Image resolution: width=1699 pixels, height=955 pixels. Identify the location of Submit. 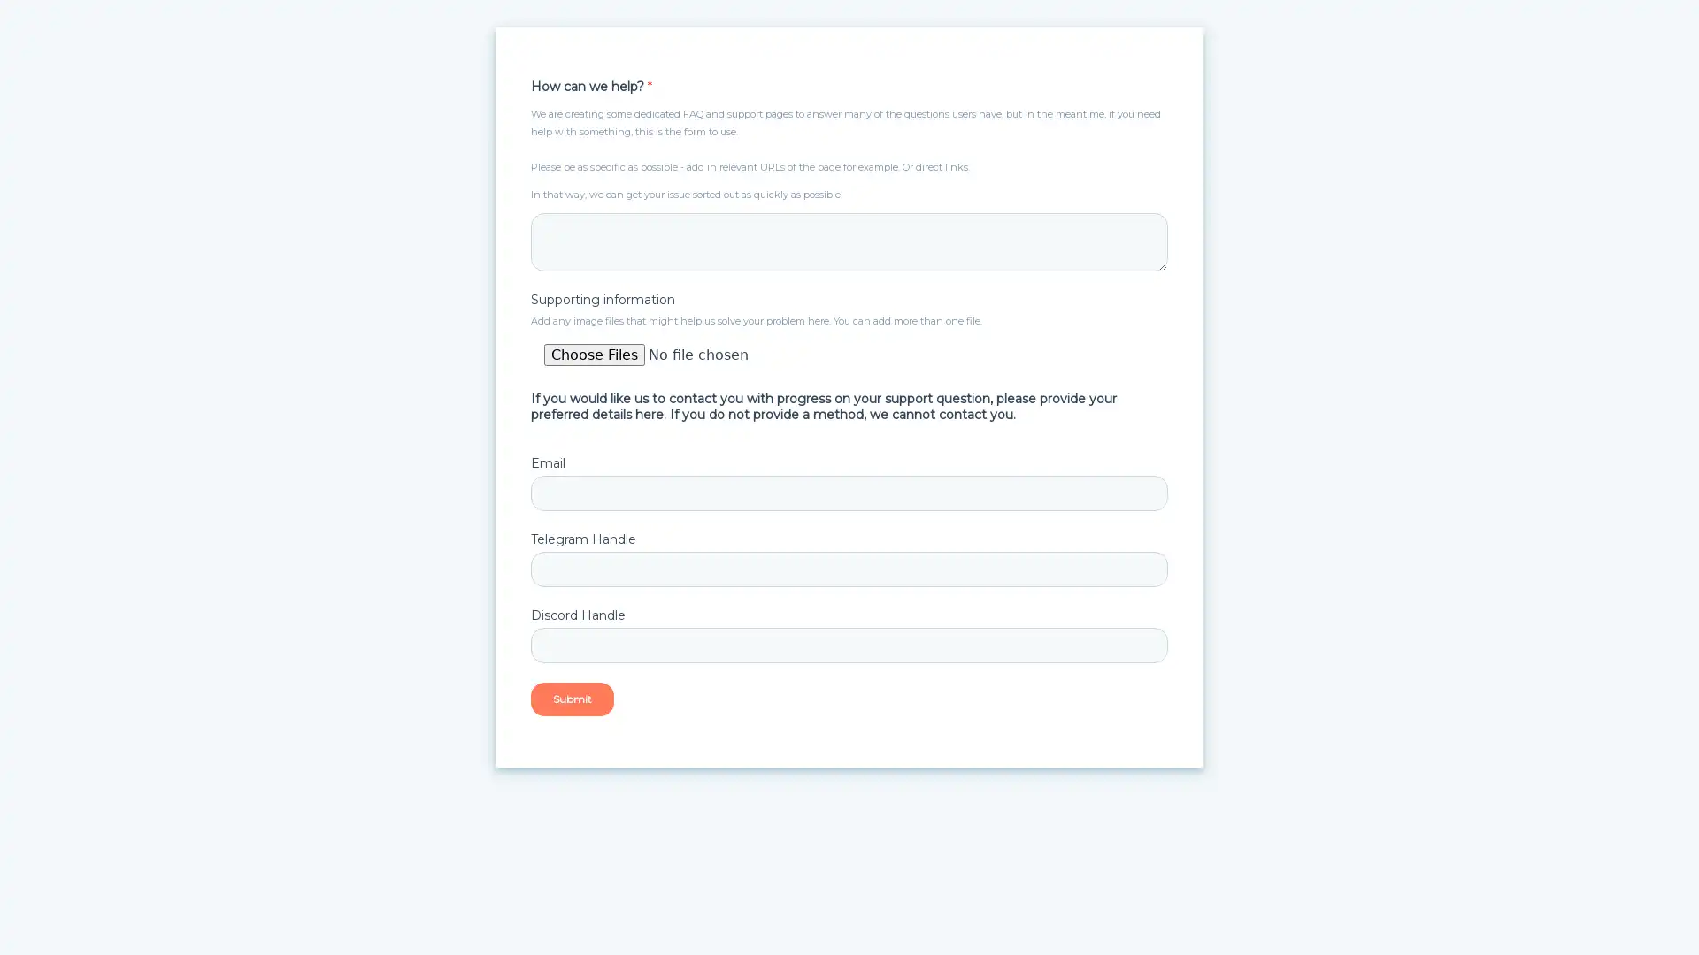
(573, 876).